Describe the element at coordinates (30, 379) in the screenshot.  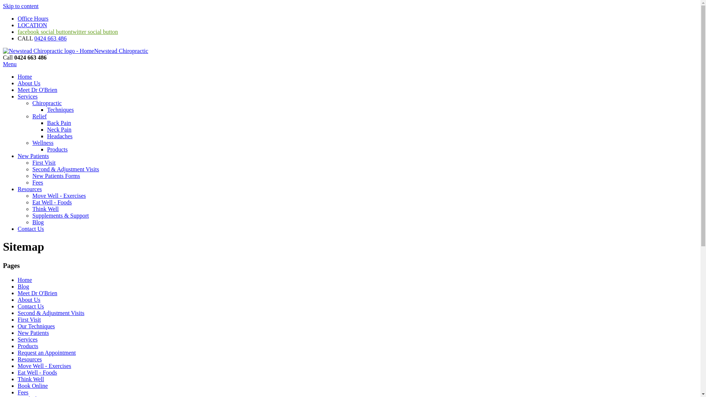
I see `'Think Well'` at that location.